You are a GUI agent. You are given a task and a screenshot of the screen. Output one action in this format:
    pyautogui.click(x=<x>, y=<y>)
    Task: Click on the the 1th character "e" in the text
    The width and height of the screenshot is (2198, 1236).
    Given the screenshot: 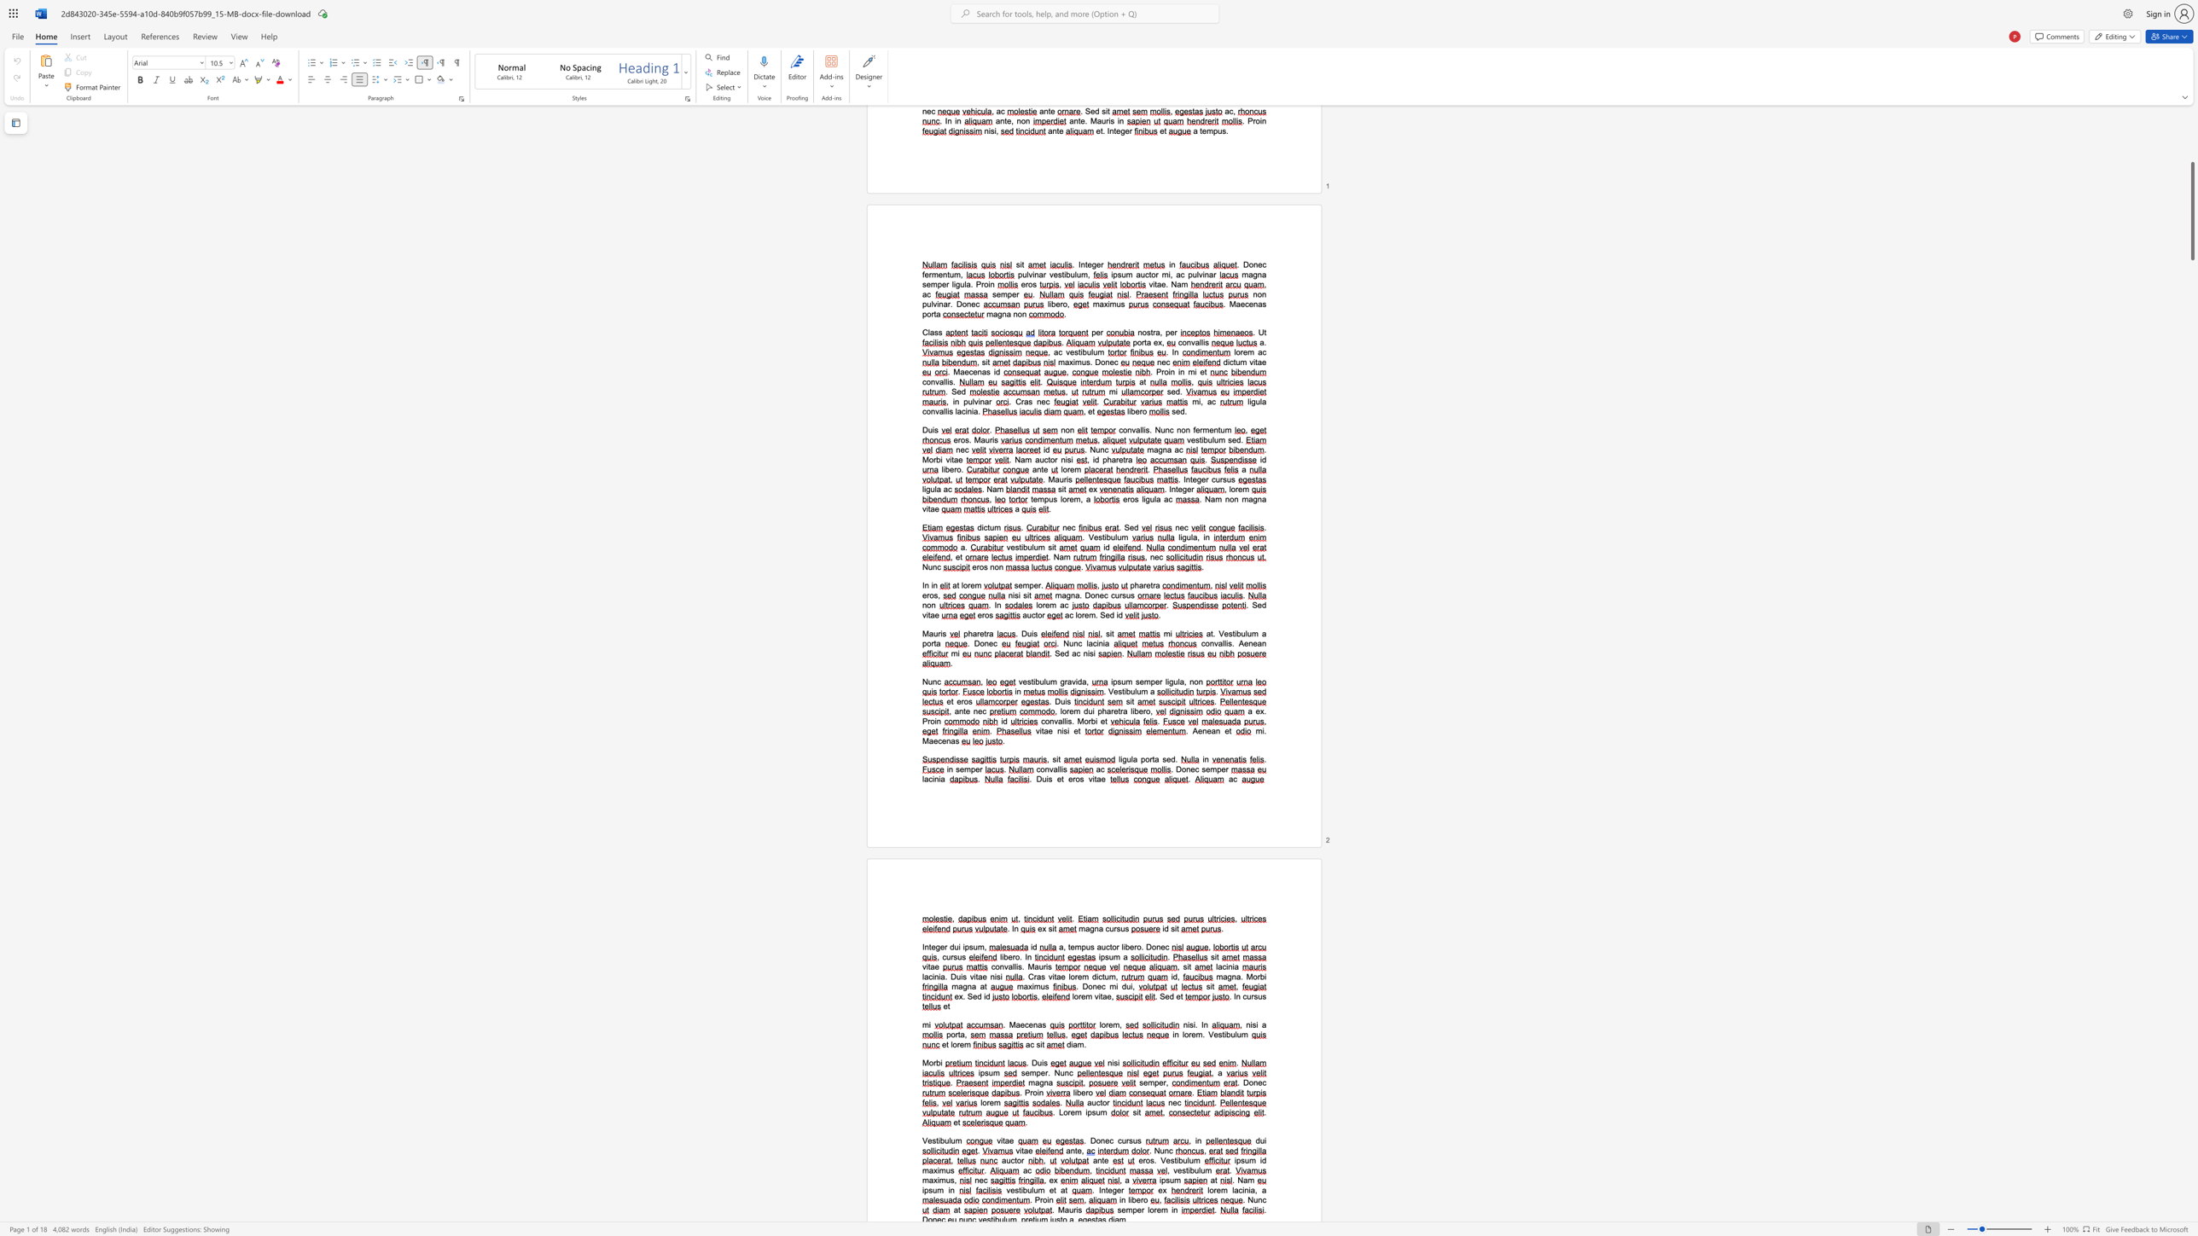 What is the action you would take?
    pyautogui.click(x=1192, y=769)
    